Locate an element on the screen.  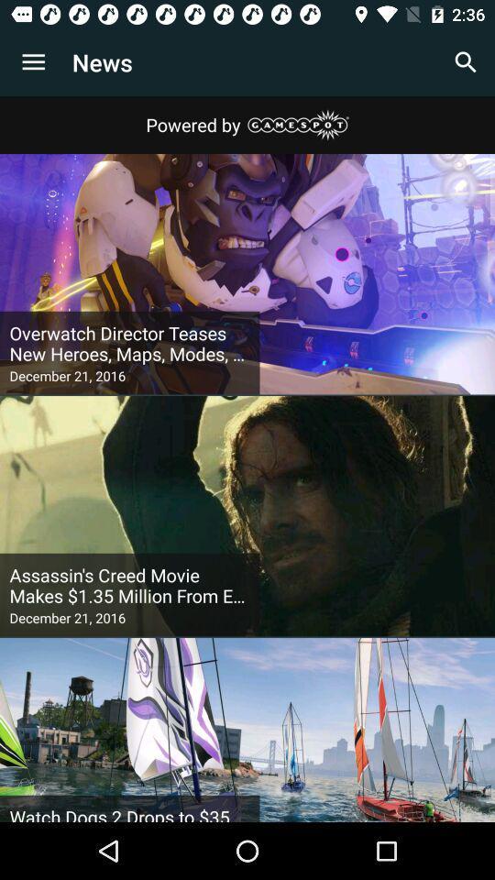
the item above december 21, 2016 icon is located at coordinates (128, 343).